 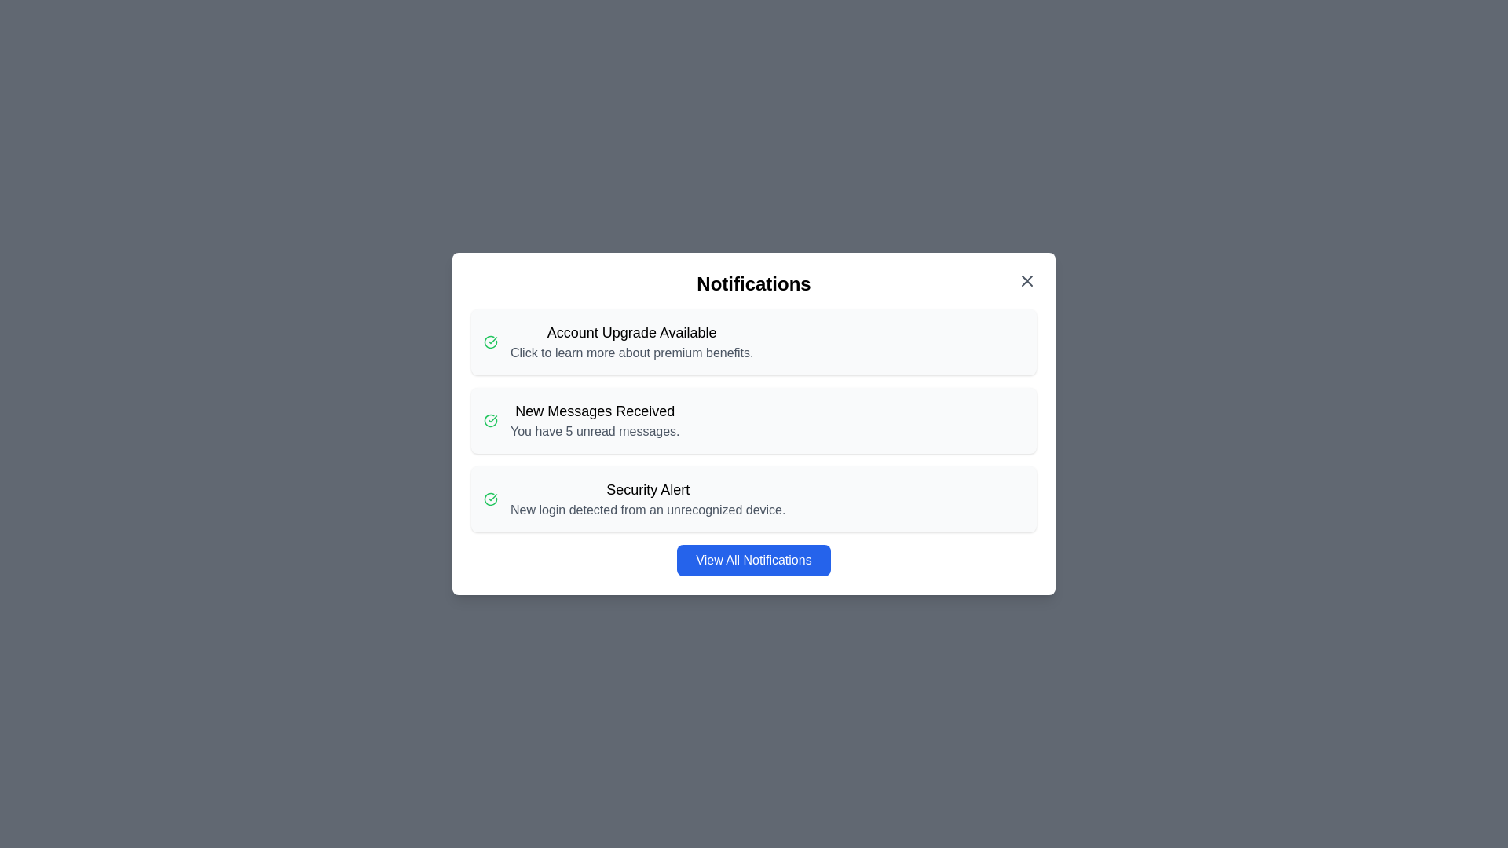 What do you see at coordinates (1027, 280) in the screenshot?
I see `the close icon in the upper-right corner of the notification panel` at bounding box center [1027, 280].